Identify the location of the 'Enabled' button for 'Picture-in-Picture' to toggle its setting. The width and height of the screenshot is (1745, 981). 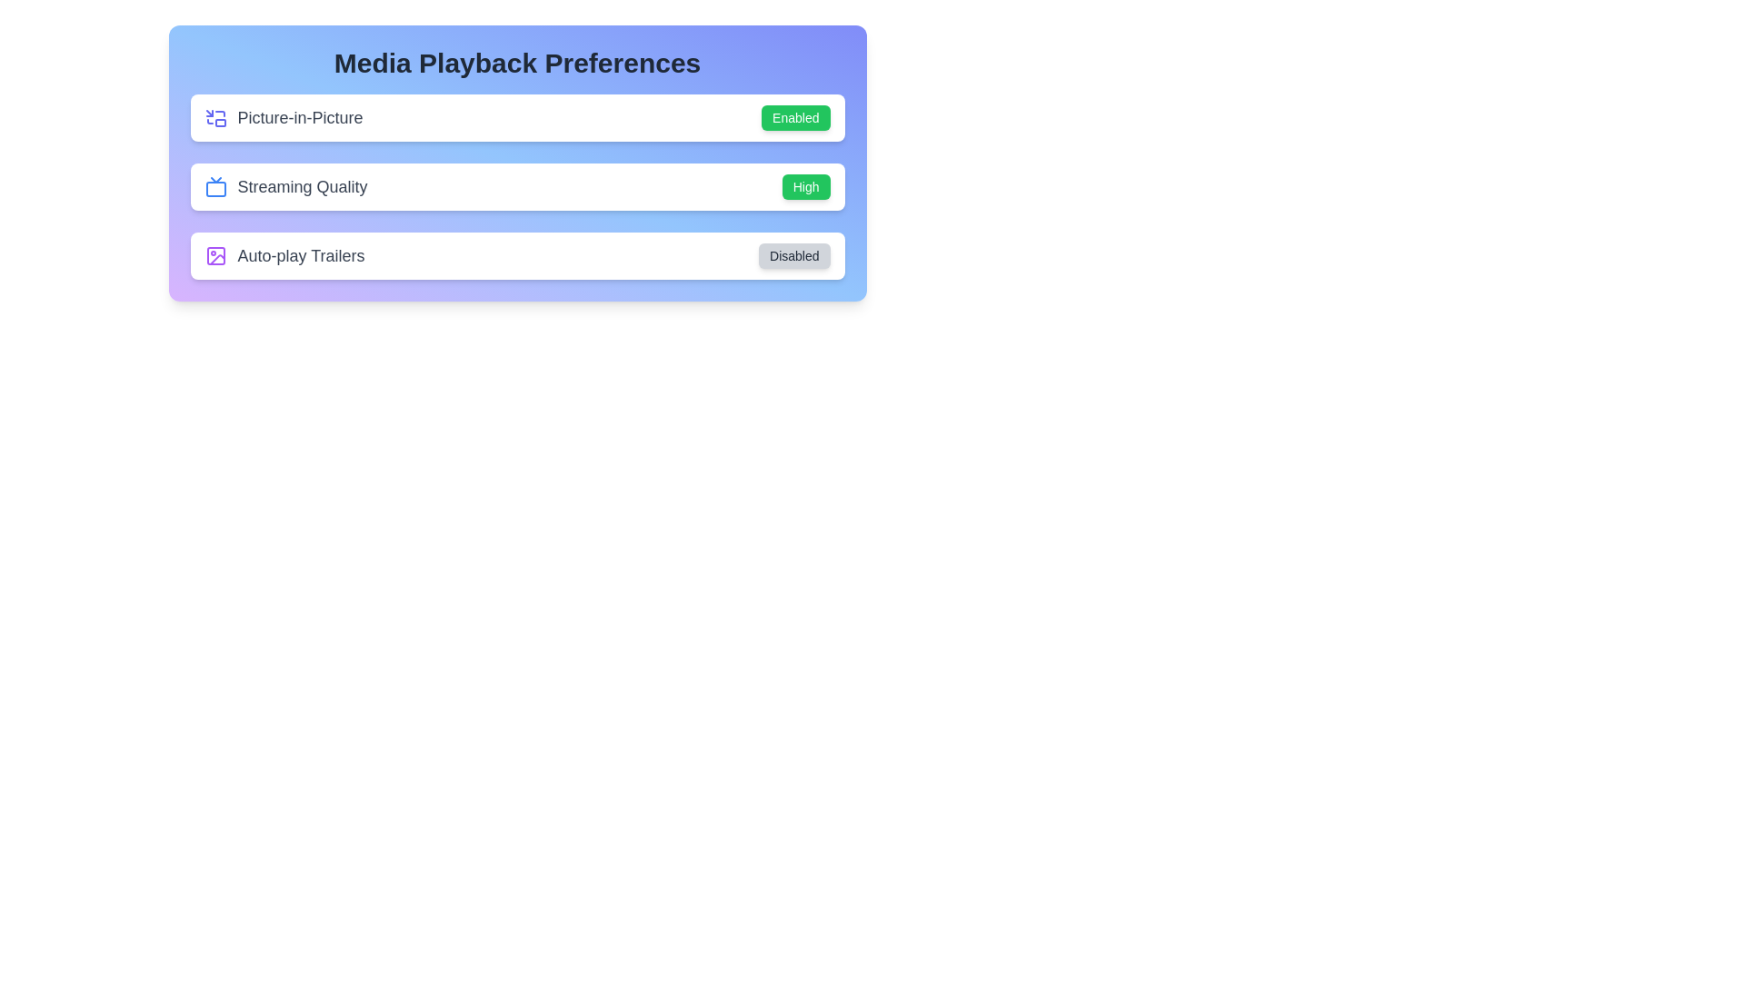
(795, 118).